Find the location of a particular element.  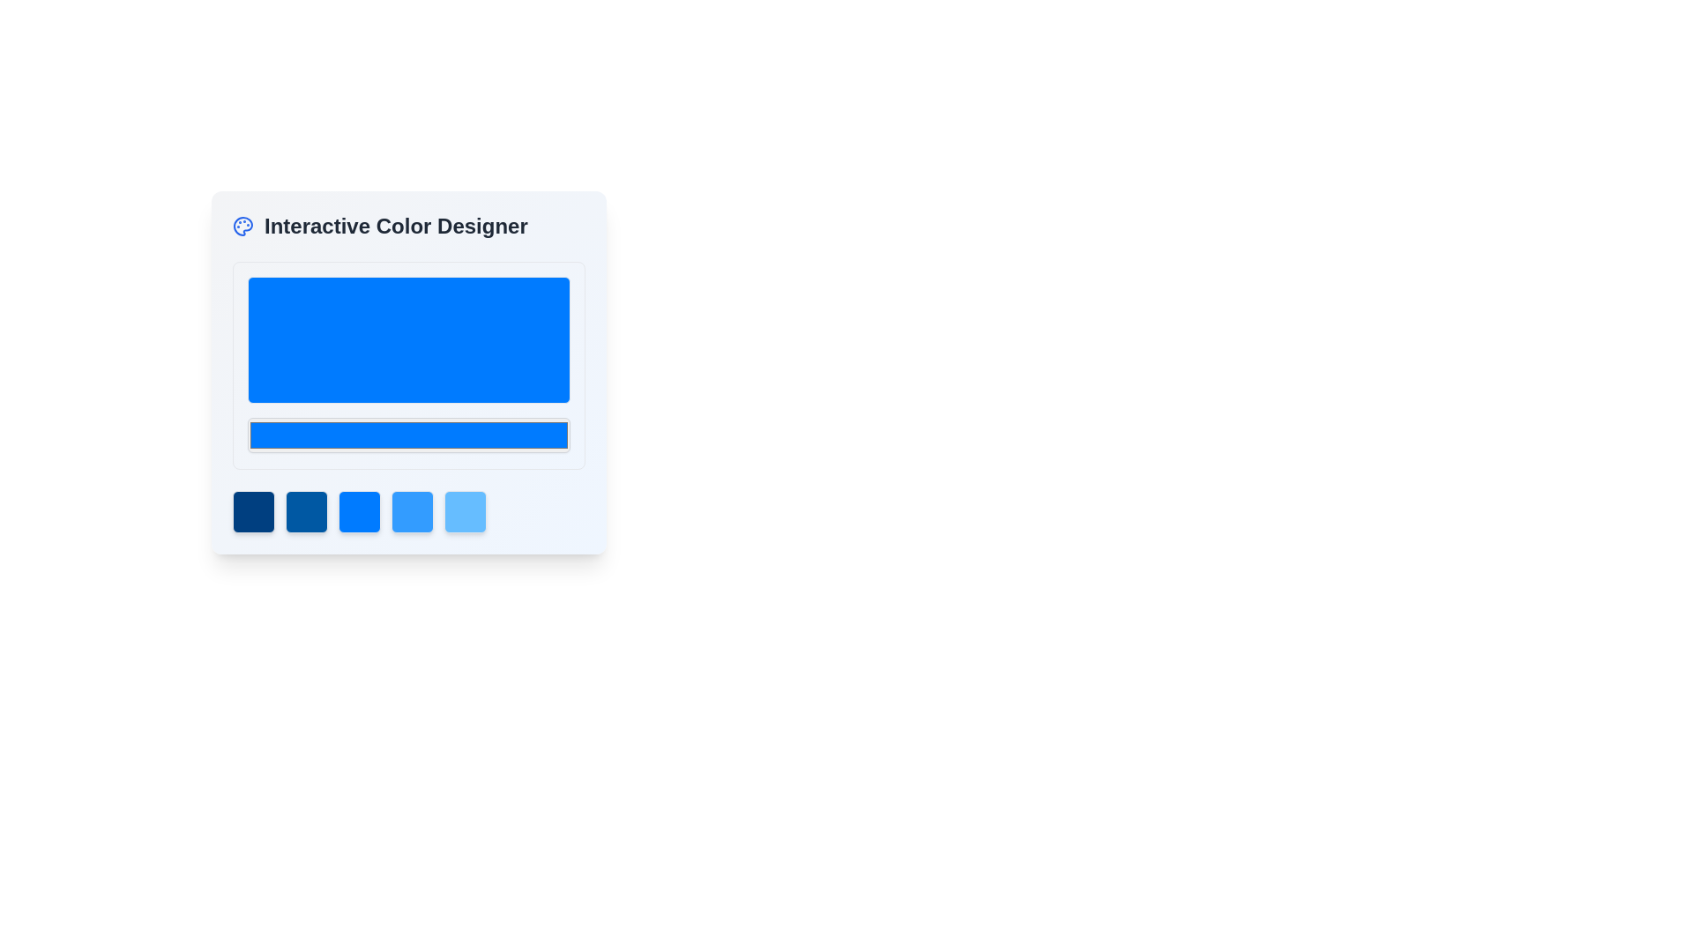

the first square in the group of five color swatches located at the bottom of the 'Interactive Color Designer' interface is located at coordinates (253, 512).